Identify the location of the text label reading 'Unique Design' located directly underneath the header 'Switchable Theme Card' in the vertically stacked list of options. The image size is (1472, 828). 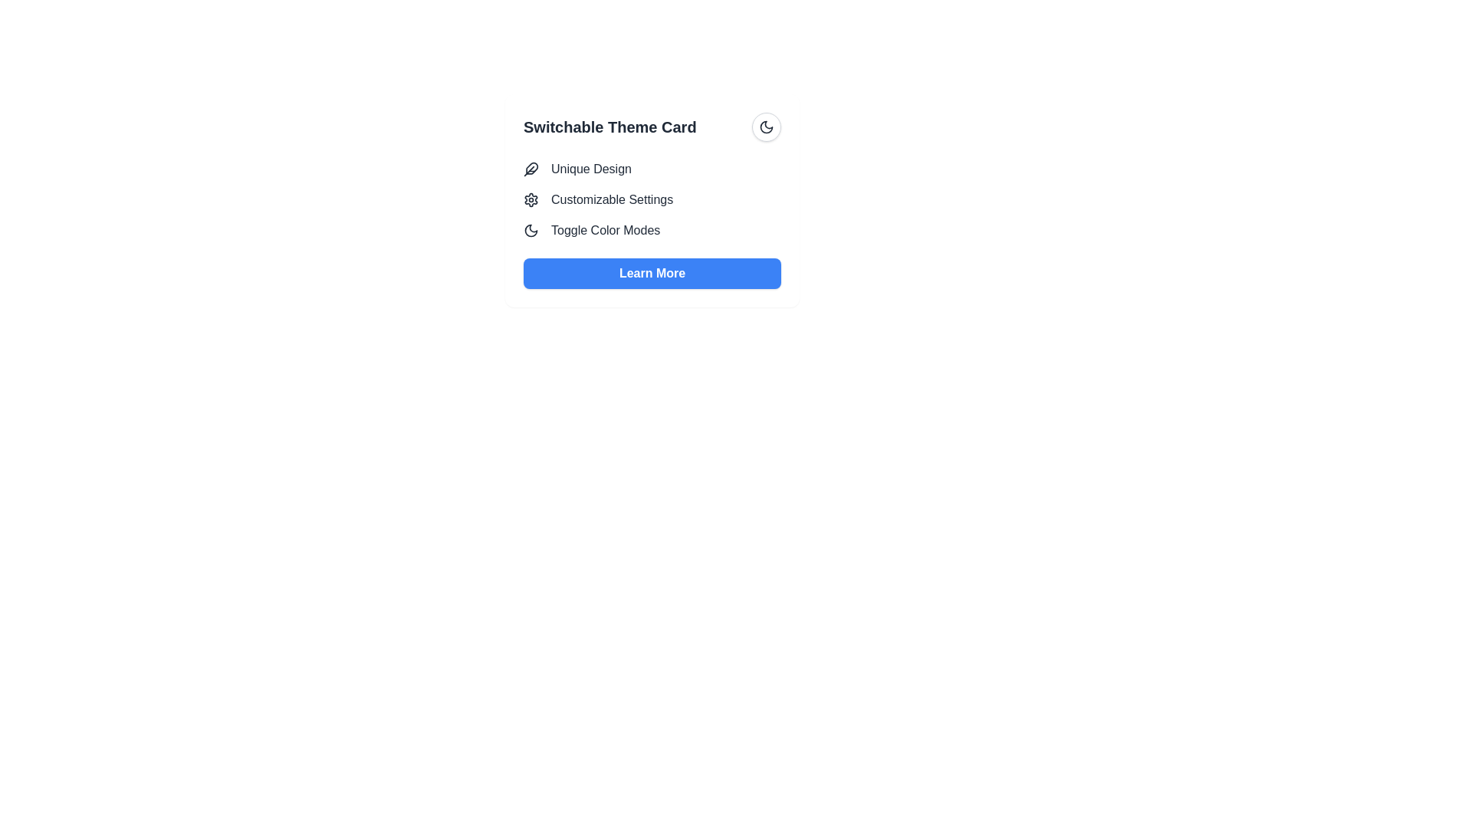
(590, 169).